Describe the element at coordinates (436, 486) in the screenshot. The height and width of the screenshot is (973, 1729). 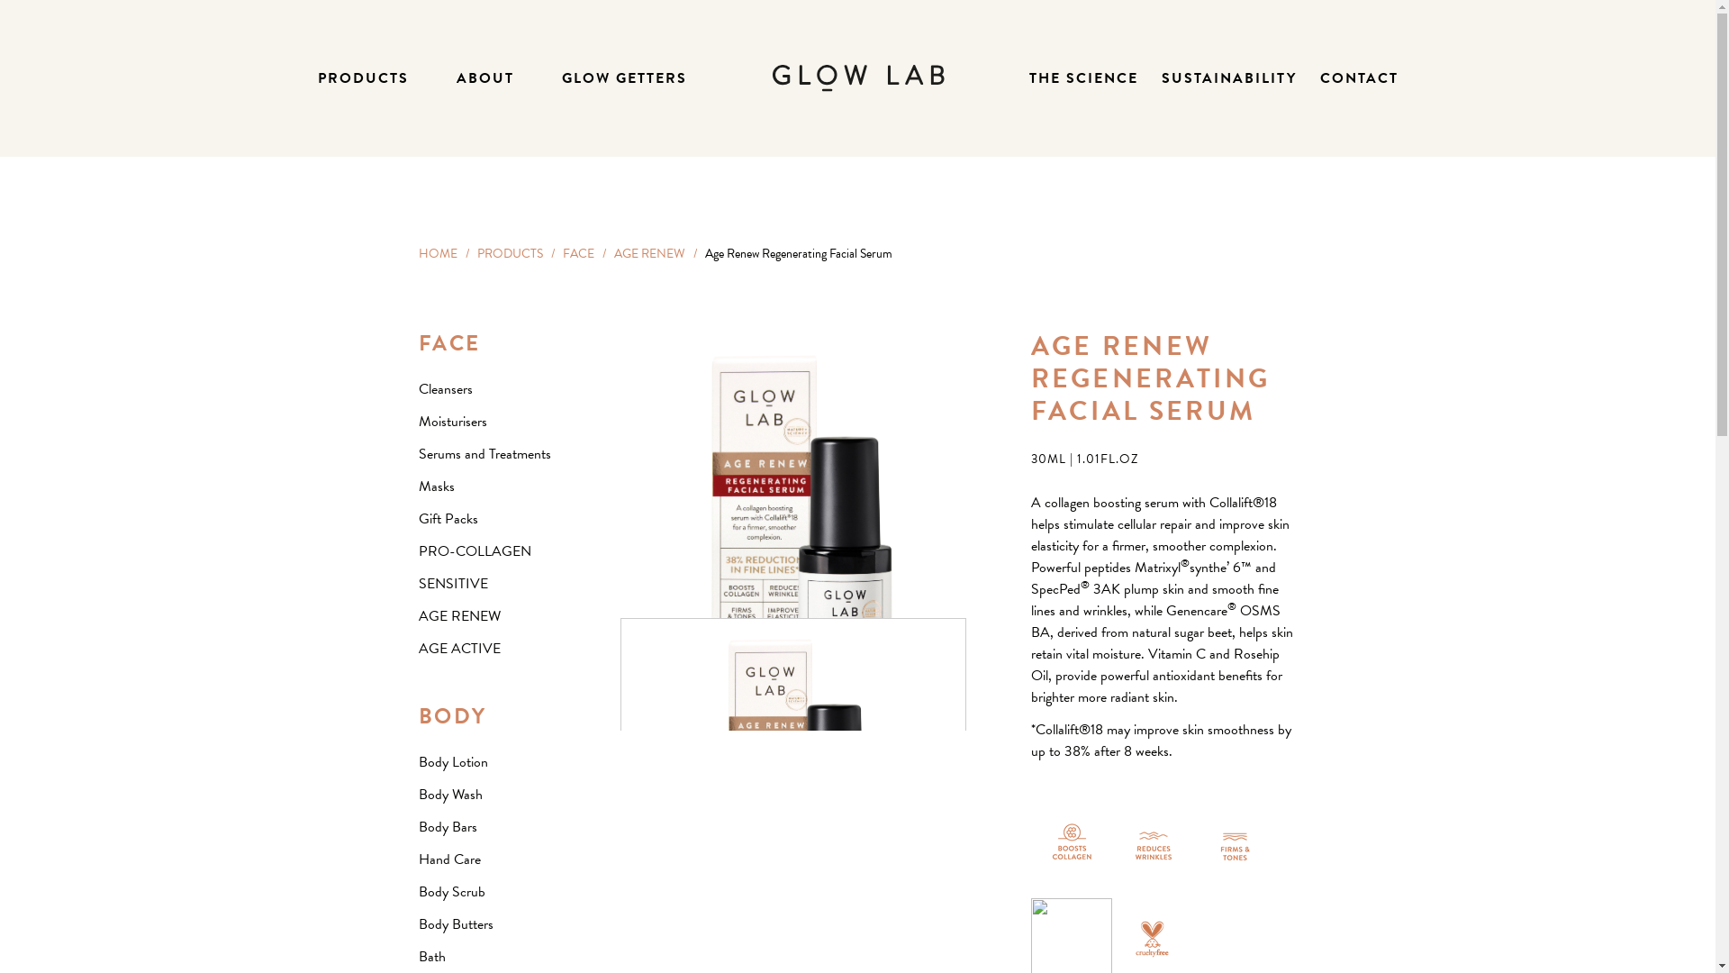
I see `'Masks'` at that location.